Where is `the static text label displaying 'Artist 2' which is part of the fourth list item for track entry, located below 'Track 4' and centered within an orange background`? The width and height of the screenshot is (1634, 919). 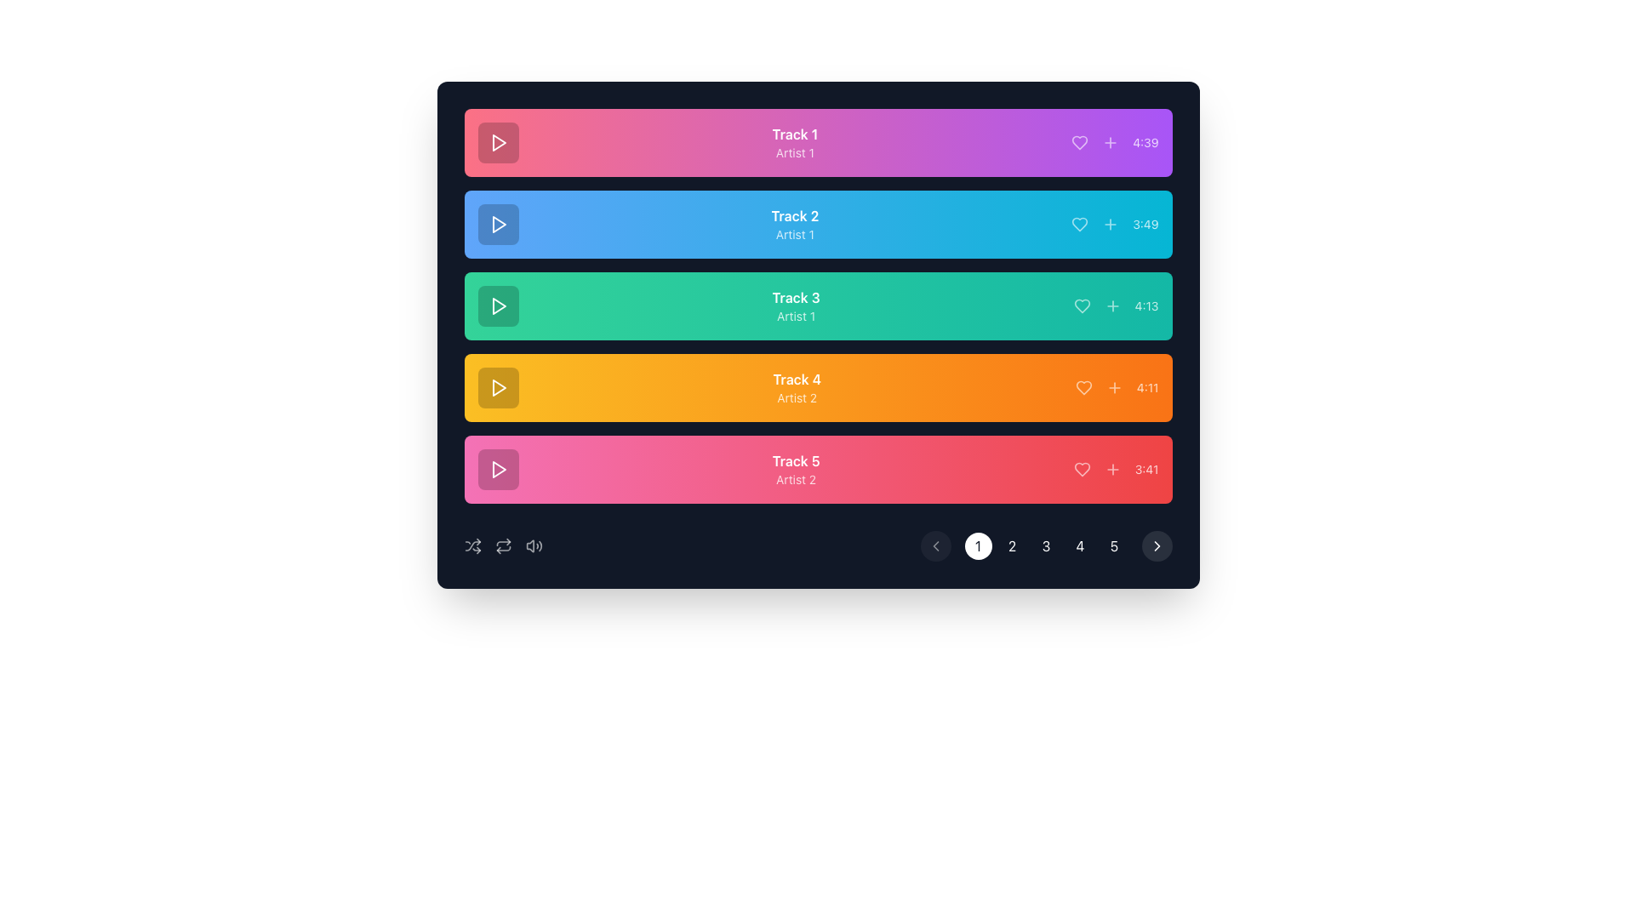 the static text label displaying 'Artist 2' which is part of the fourth list item for track entry, located below 'Track 4' and centered within an orange background is located at coordinates (796, 397).